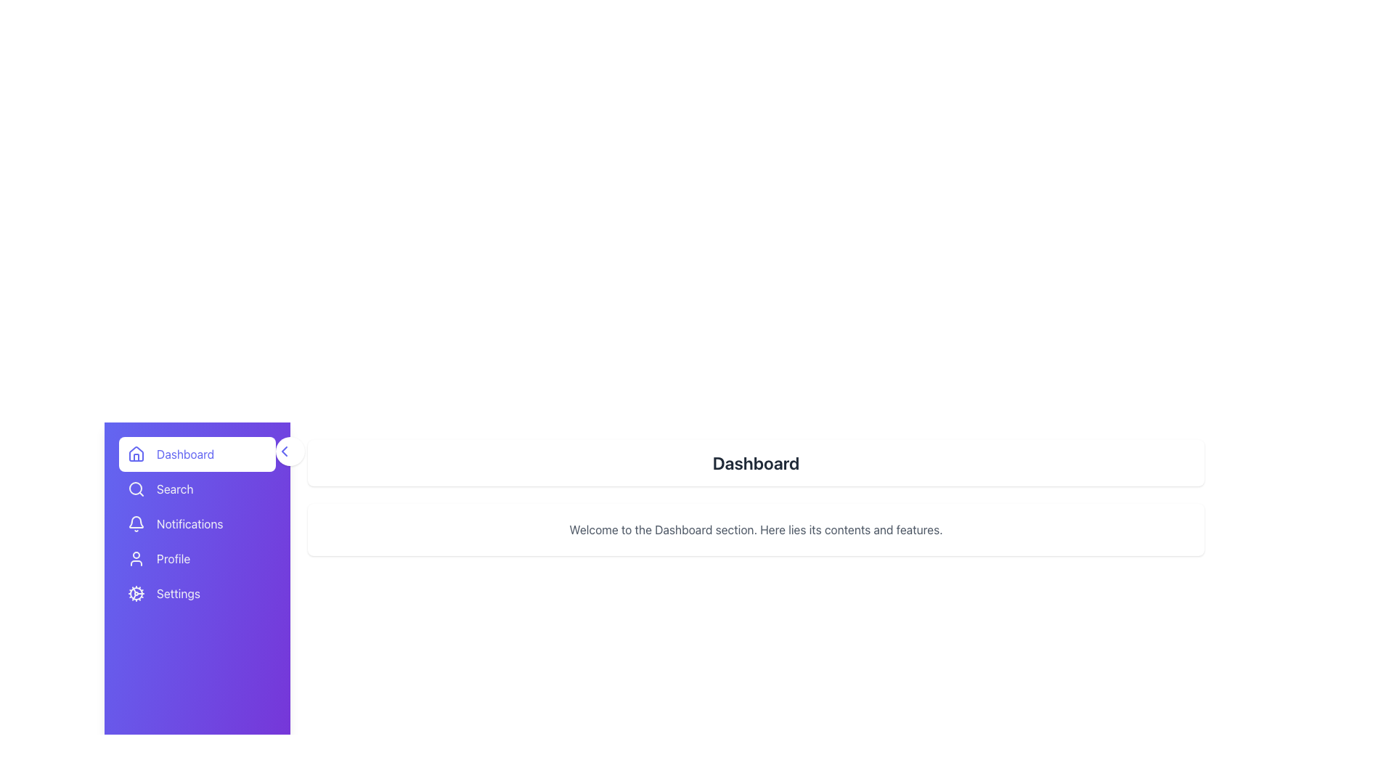 This screenshot has height=784, width=1394. I want to click on the 'Settings' button with a purple background and a cogwheel icon, located as the fifth item in the vertical list of buttons in the side navigation bar, so click(197, 593).